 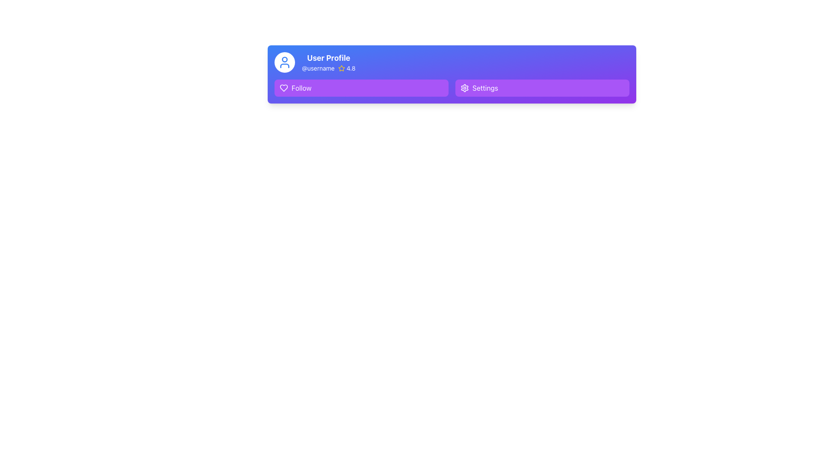 What do you see at coordinates (285, 62) in the screenshot?
I see `the user icon, which is represented by a blue icon shaped like a user with a circled head and curved body, located within a white circular background to the left of the 'User Profile' text on a large purple bar` at bounding box center [285, 62].